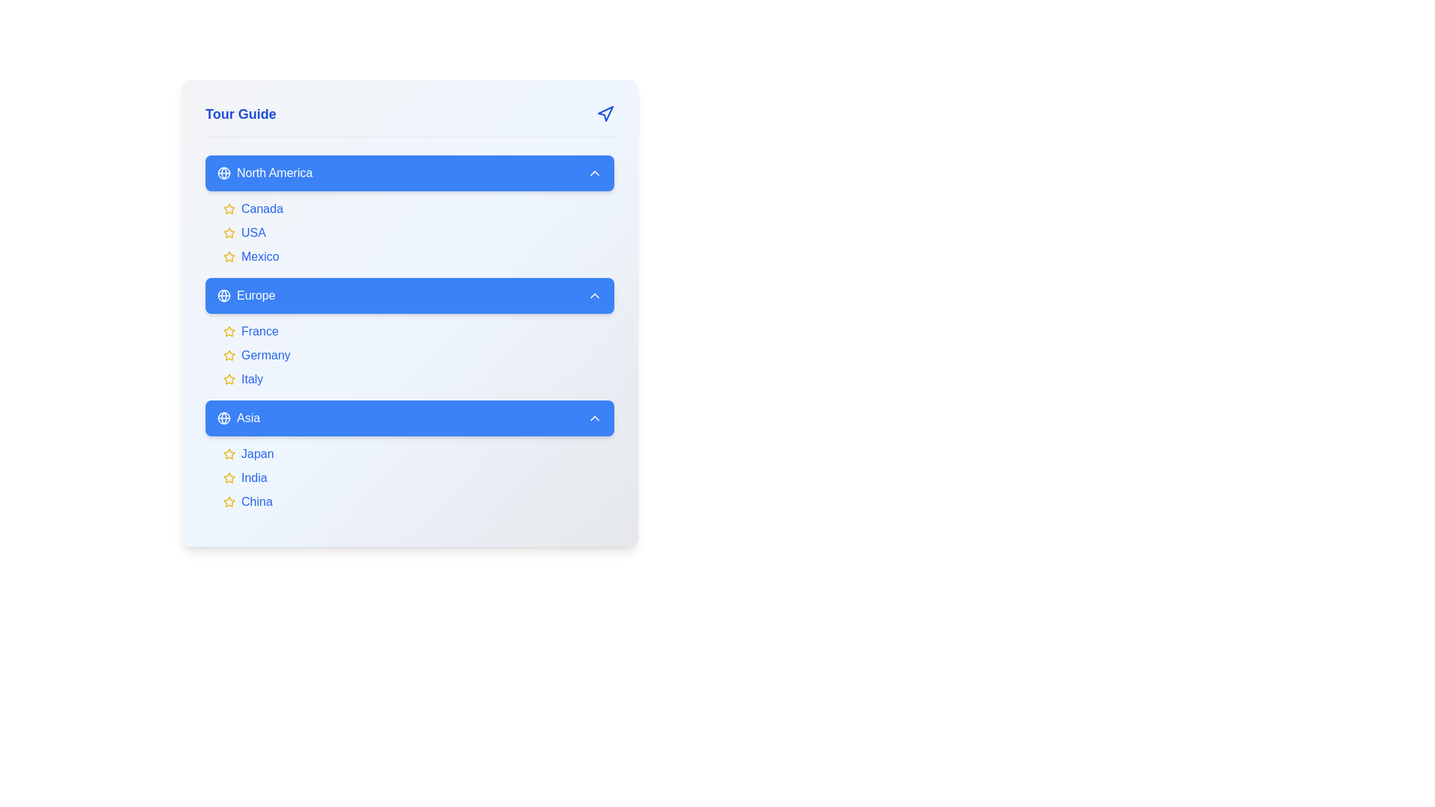 This screenshot has height=807, width=1435. I want to click on the content of the 'Asia' text label with an accompanying icon, which visually indicates the region when interacted with, so click(238, 418).